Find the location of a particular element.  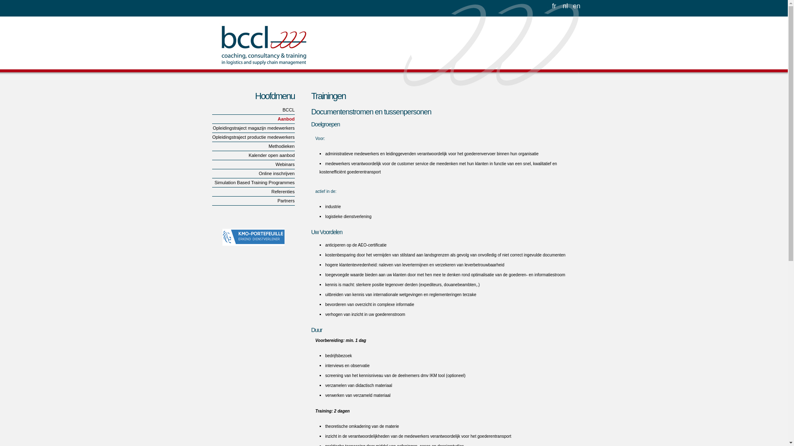

'BCCL' is located at coordinates (252, 109).